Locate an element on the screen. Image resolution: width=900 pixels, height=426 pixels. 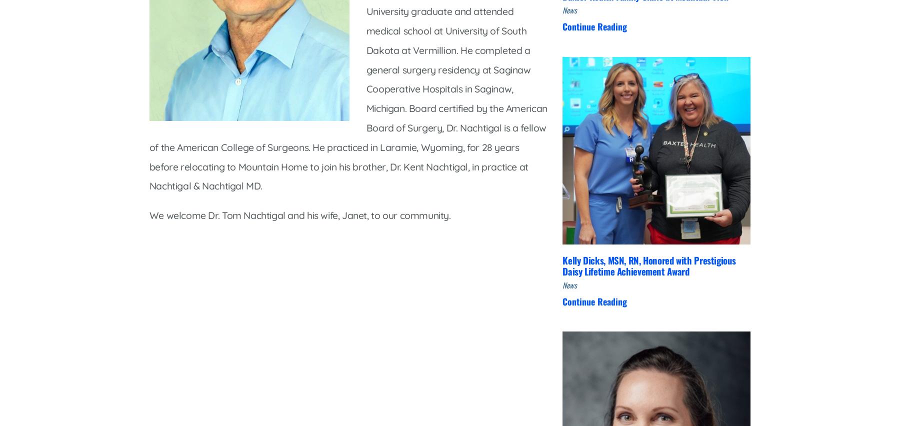
'Contact Us' is located at coordinates (656, 184).